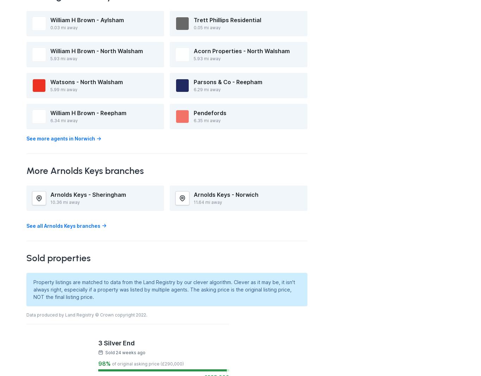  Describe the element at coordinates (87, 314) in the screenshot. I see `'Data produced by Land Registry © Crown copyright 2022.'` at that location.